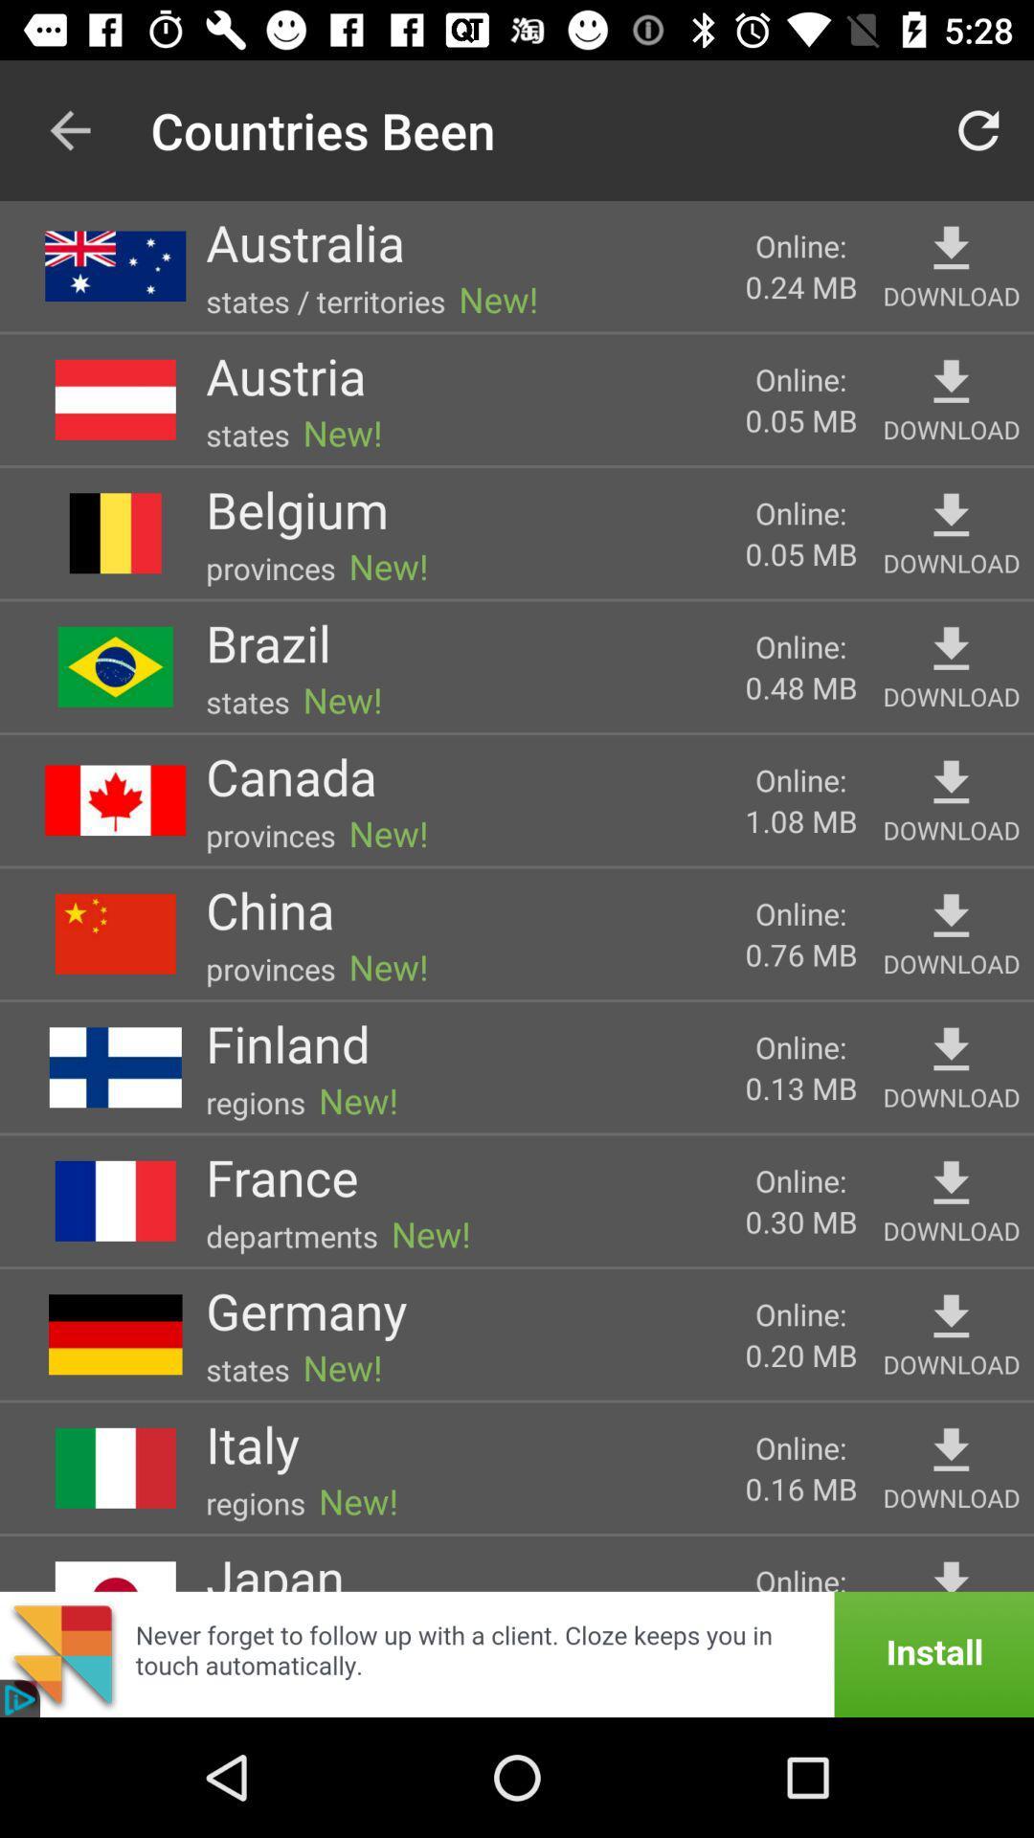  Describe the element at coordinates (517, 1653) in the screenshot. I see `redirect to advertisement page` at that location.